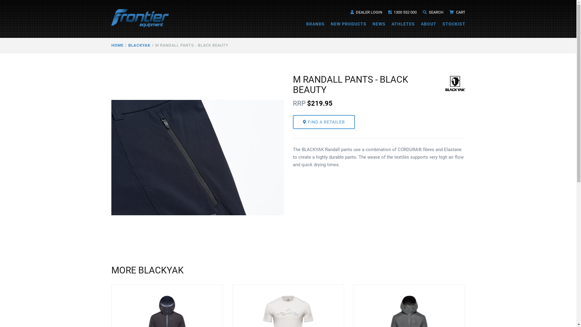 The width and height of the screenshot is (581, 327). What do you see at coordinates (323, 122) in the screenshot?
I see `'FIND A RETAILER'` at bounding box center [323, 122].